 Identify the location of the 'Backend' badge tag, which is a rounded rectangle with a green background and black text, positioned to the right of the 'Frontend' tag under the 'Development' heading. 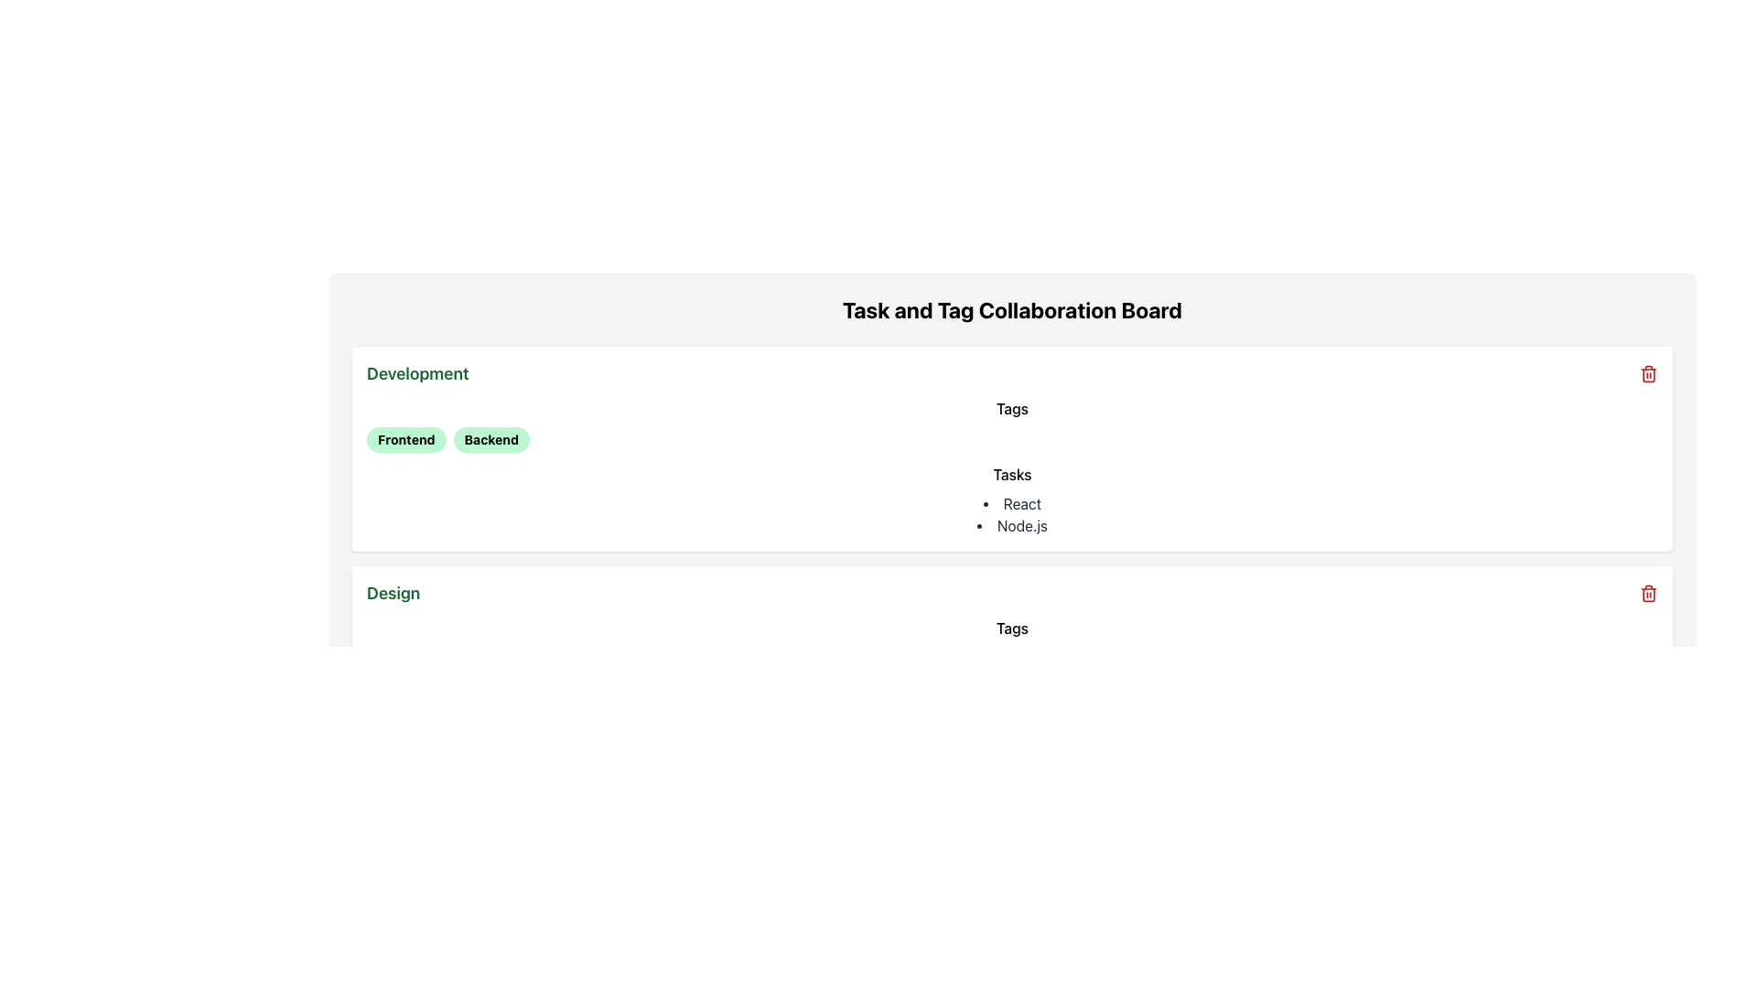
(491, 440).